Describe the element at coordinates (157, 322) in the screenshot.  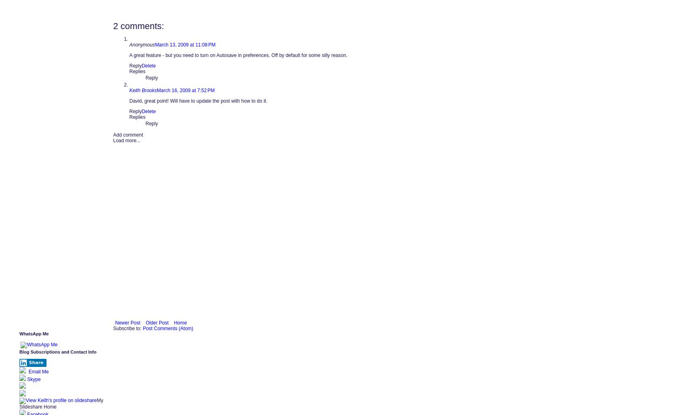
I see `'Older Post'` at that location.